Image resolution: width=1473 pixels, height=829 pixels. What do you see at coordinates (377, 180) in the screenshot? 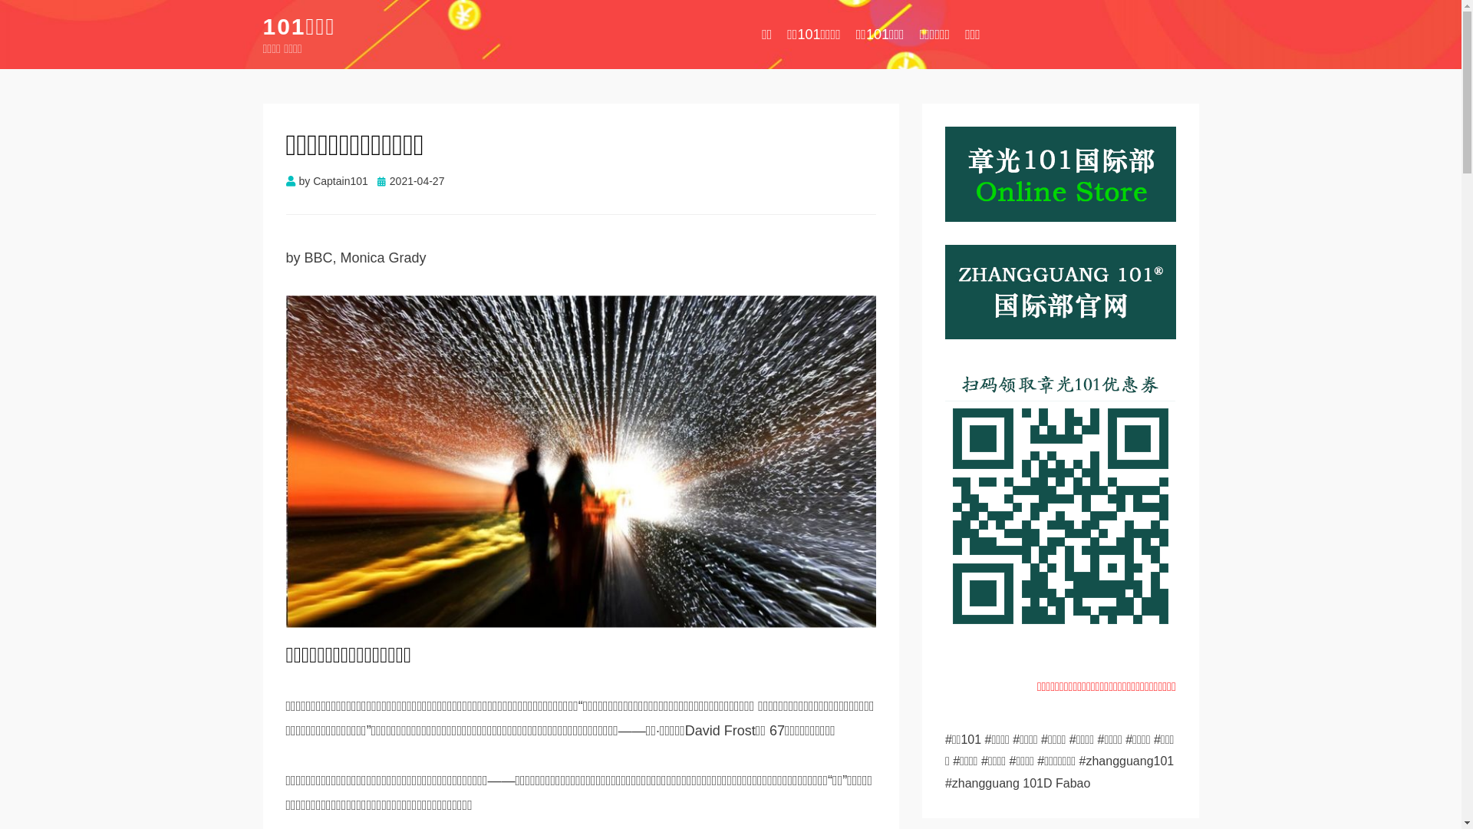
I see `'2021-04-27'` at bounding box center [377, 180].